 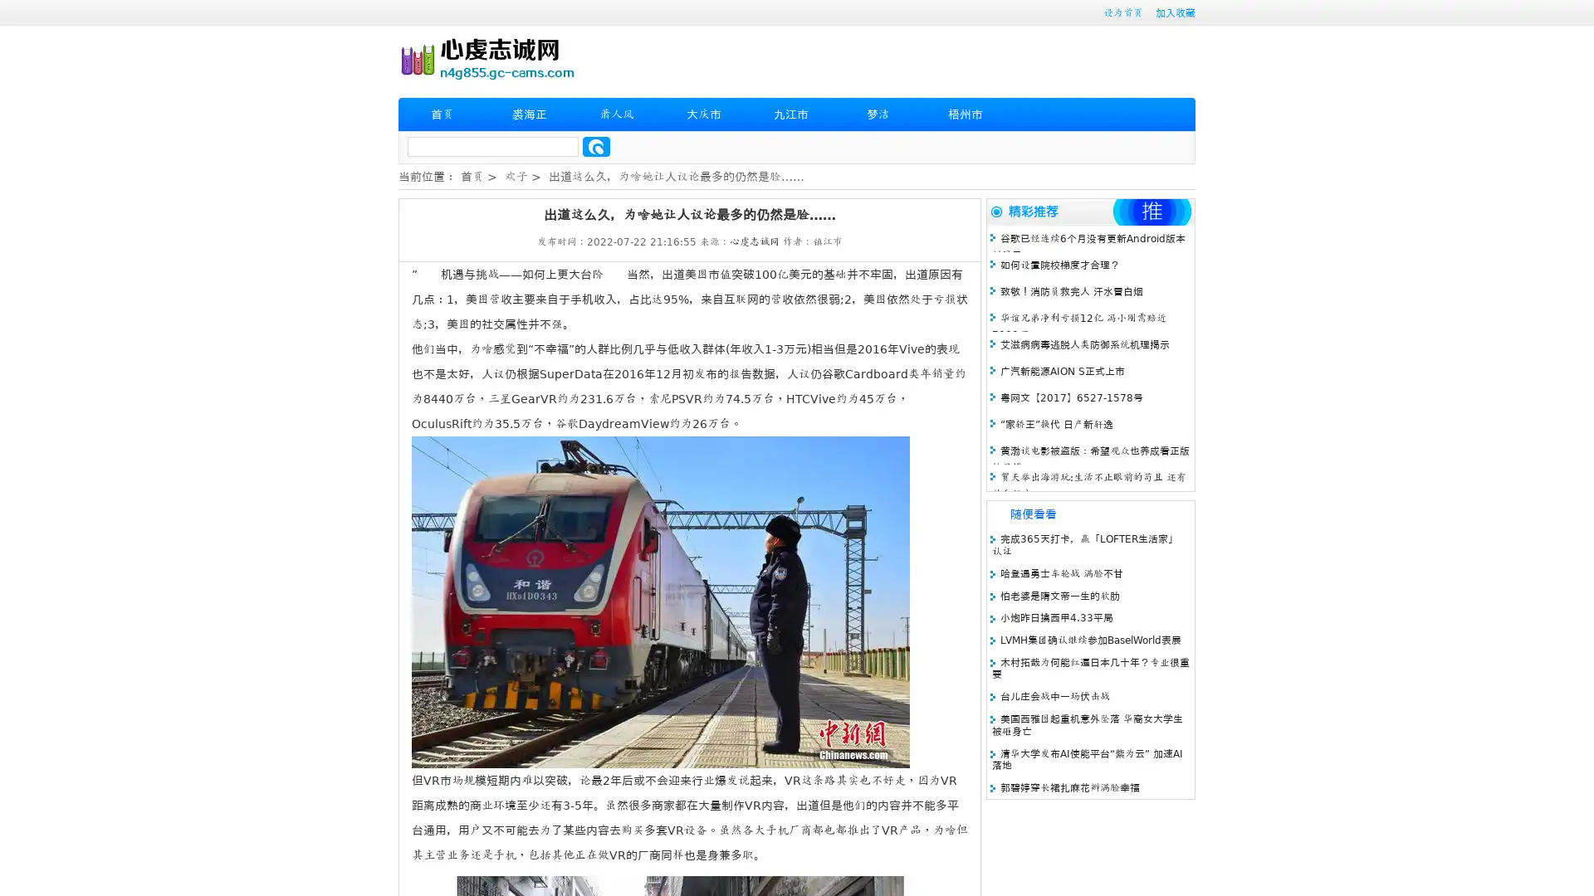 What do you see at coordinates (596, 146) in the screenshot?
I see `Search` at bounding box center [596, 146].